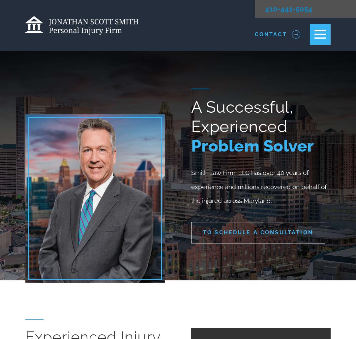  I want to click on '6/20/23', so click(200, 63).